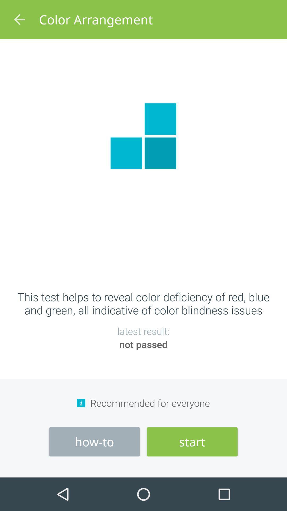  I want to click on icon next to how-to item, so click(192, 442).